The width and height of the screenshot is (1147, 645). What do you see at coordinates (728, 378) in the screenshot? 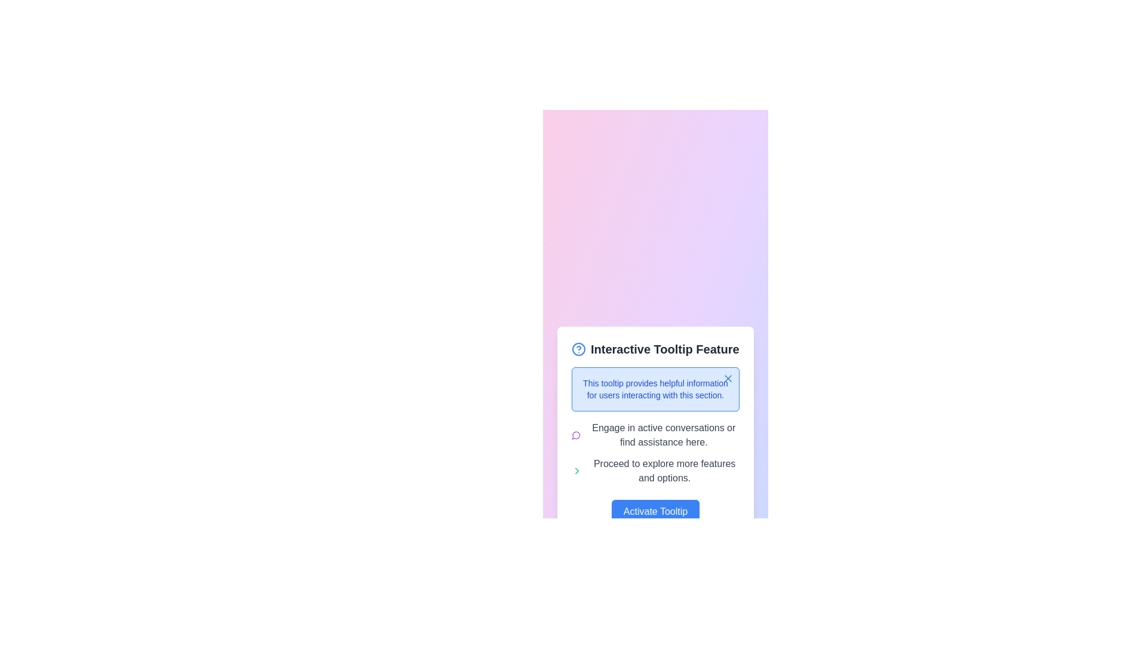
I see `the small blue 'X' icon in the upper-right corner of the tooltip box` at bounding box center [728, 378].